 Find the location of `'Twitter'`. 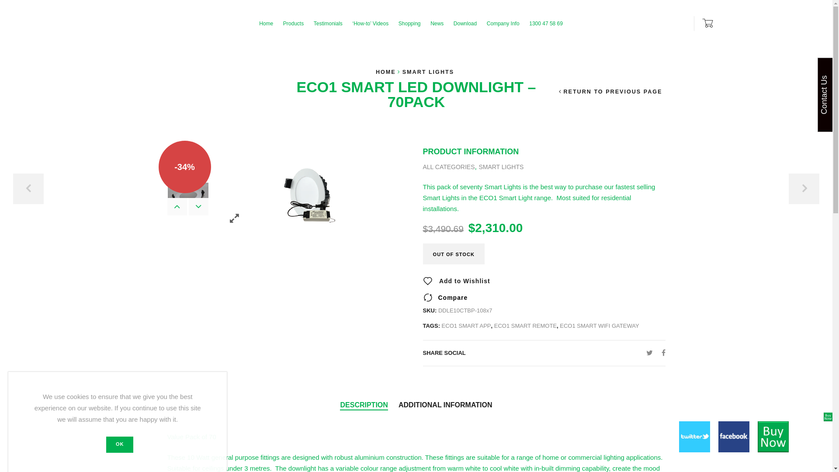

'Twitter' is located at coordinates (649, 352).